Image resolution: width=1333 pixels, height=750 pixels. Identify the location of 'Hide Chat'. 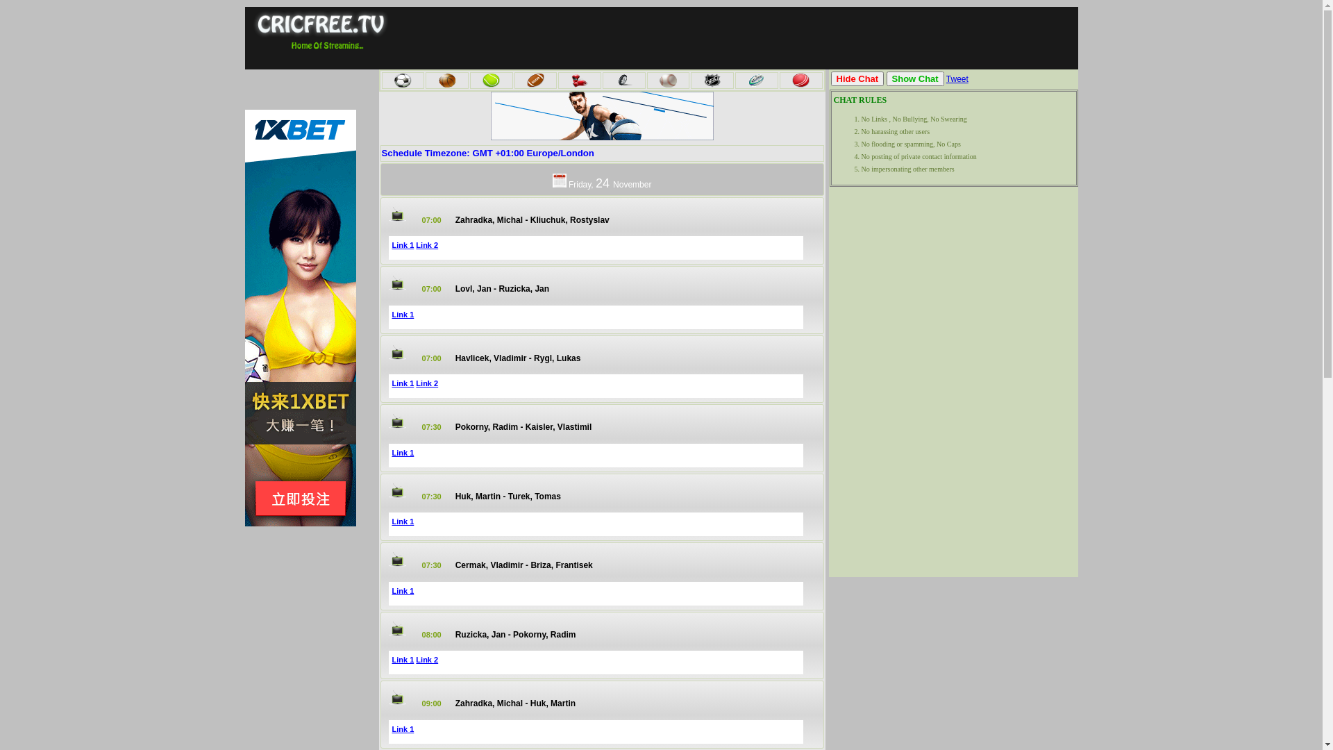
(830, 78).